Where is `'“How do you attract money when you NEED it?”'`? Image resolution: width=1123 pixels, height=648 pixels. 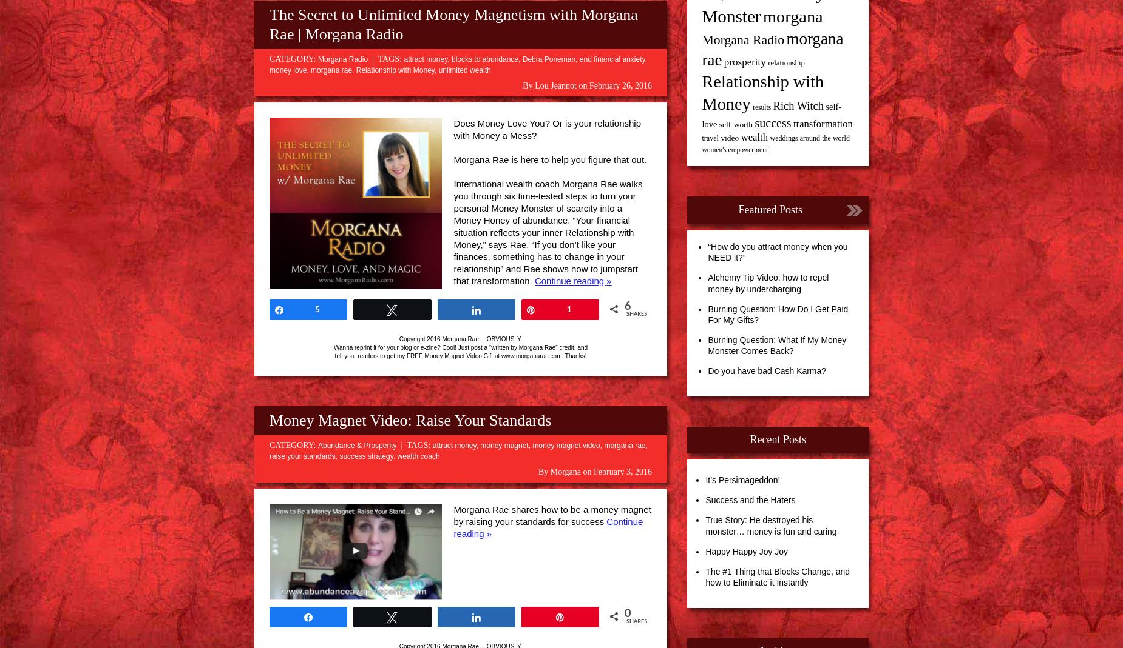 '“How do you attract money when you NEED it?”' is located at coordinates (776, 252).